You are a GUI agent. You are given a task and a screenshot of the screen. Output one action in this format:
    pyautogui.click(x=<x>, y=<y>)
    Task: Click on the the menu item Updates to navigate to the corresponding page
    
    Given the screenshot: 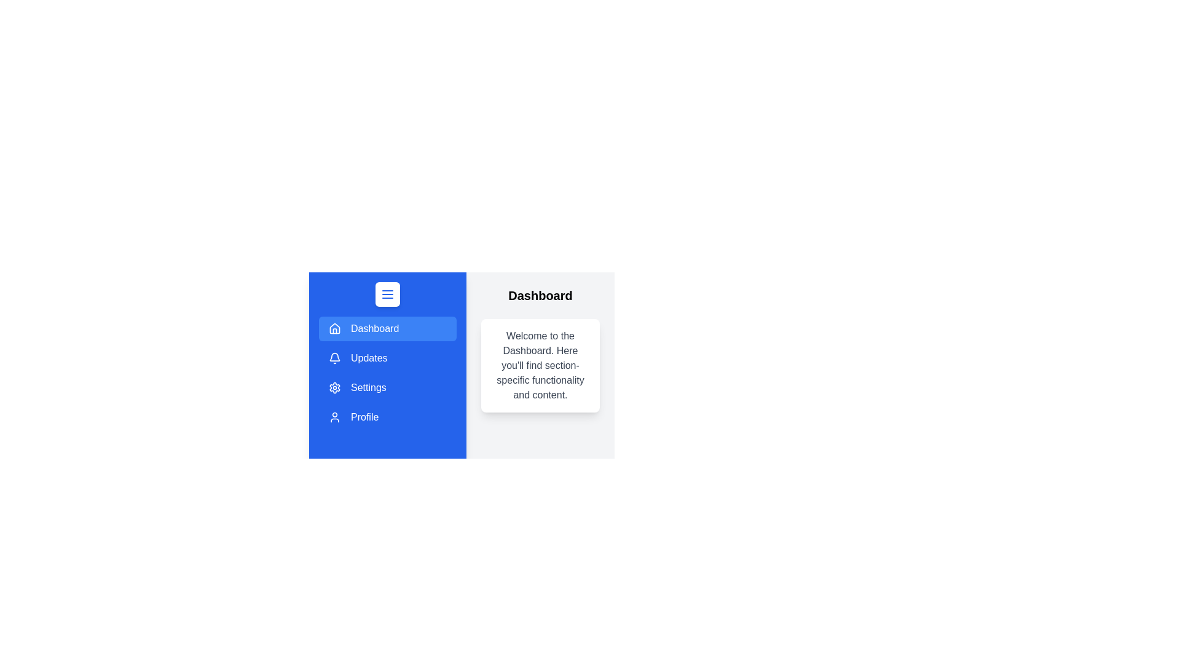 What is the action you would take?
    pyautogui.click(x=387, y=358)
    